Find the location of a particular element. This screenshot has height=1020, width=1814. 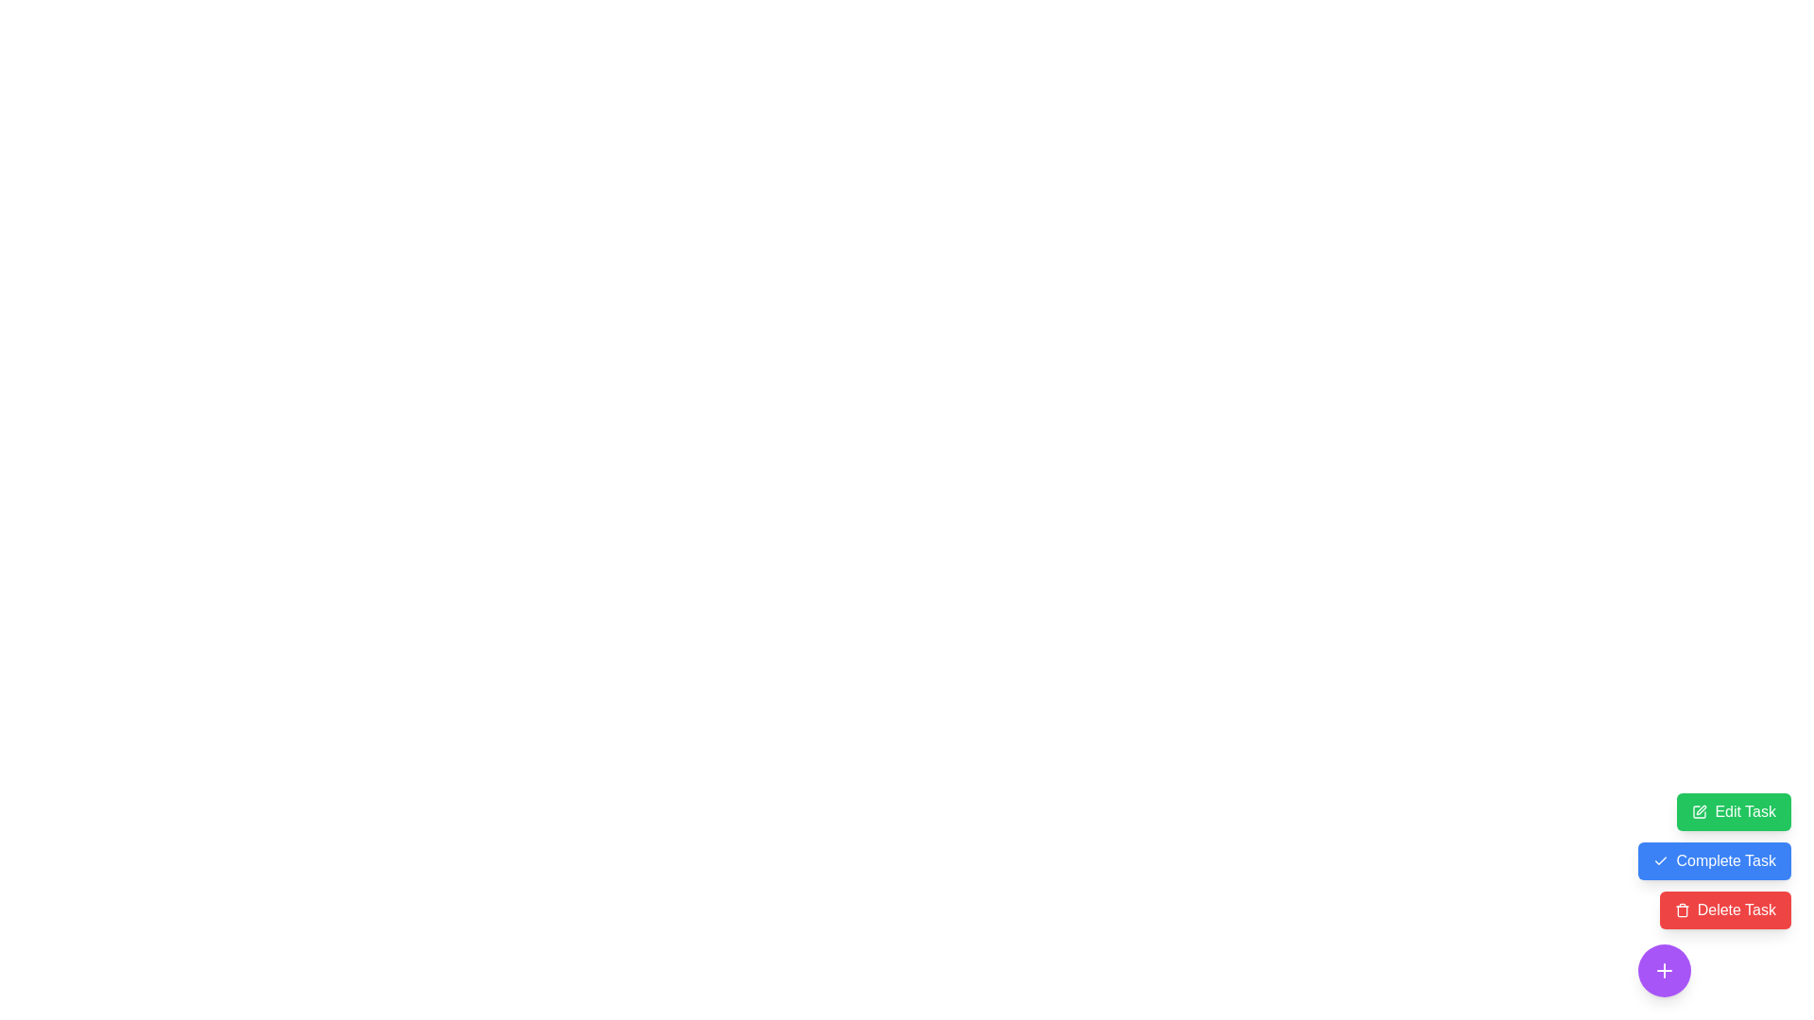

the red 'Delete Task' button with a trash icon is located at coordinates (1715, 894).